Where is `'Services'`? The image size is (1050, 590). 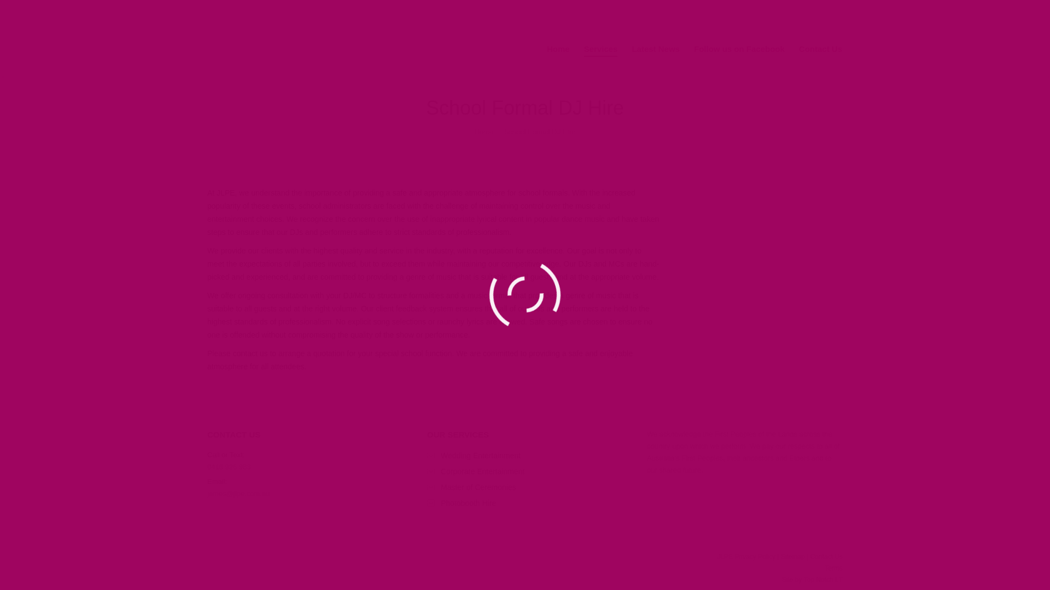 'Services' is located at coordinates (600, 49).